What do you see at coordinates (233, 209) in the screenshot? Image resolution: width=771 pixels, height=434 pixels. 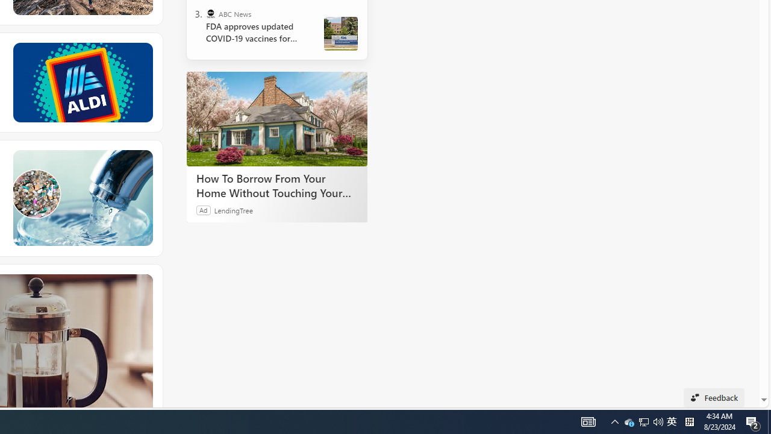 I see `'LendingTree'` at bounding box center [233, 209].